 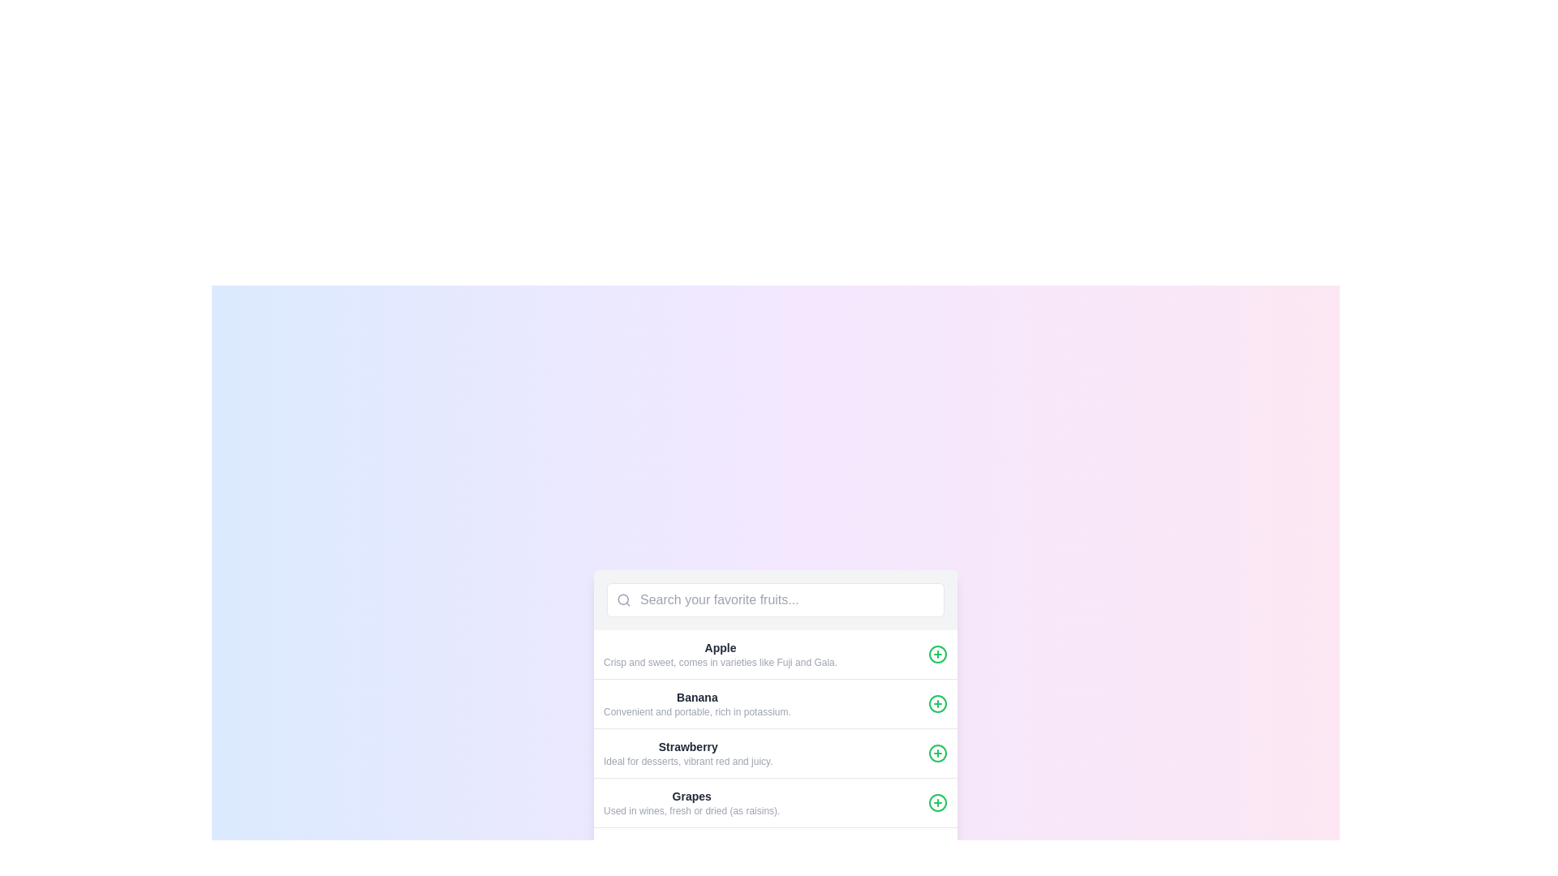 I want to click on the 'add' button associated with the item 'Strawberry' to initiate the add action, so click(x=938, y=754).